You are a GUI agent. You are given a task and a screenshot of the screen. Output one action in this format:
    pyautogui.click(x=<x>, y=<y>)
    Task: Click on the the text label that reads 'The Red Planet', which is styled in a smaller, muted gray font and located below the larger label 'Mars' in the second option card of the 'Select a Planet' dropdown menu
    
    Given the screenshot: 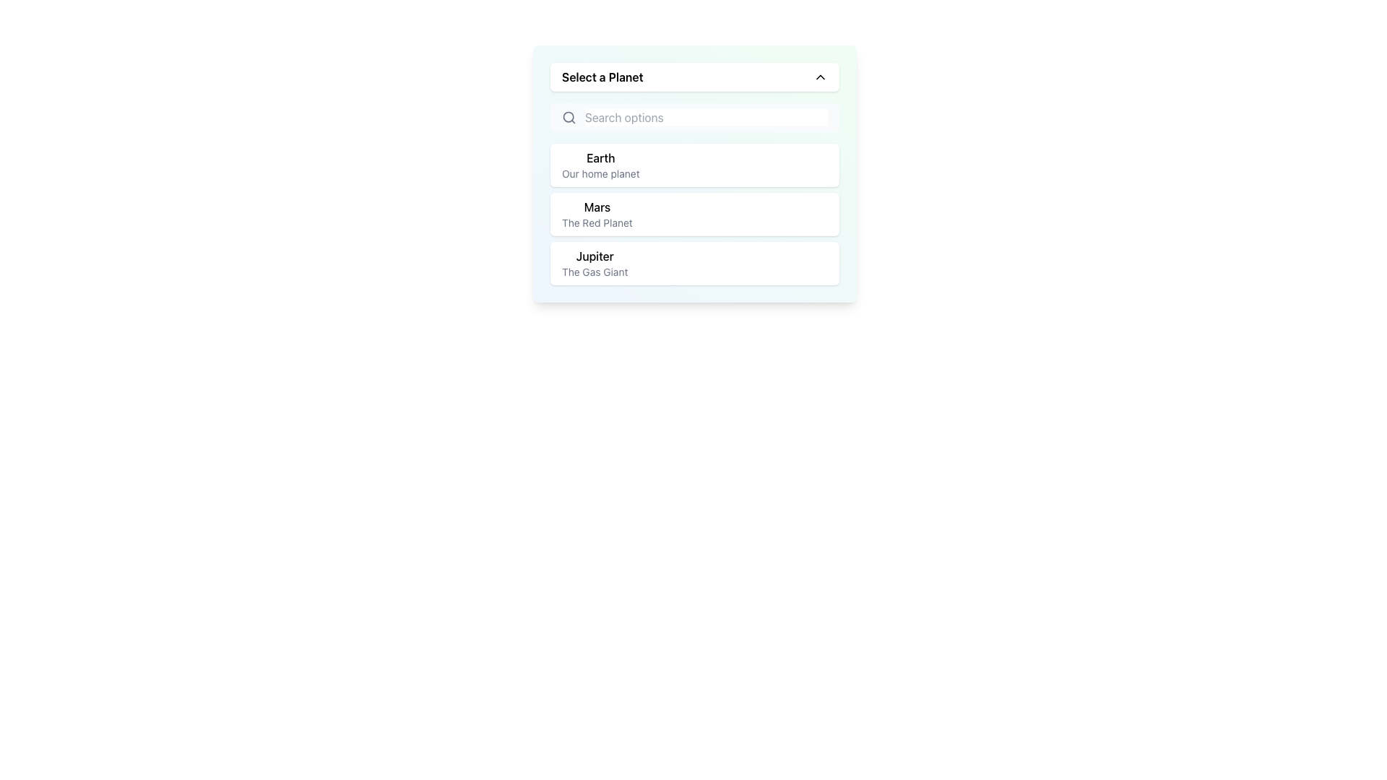 What is the action you would take?
    pyautogui.click(x=597, y=222)
    